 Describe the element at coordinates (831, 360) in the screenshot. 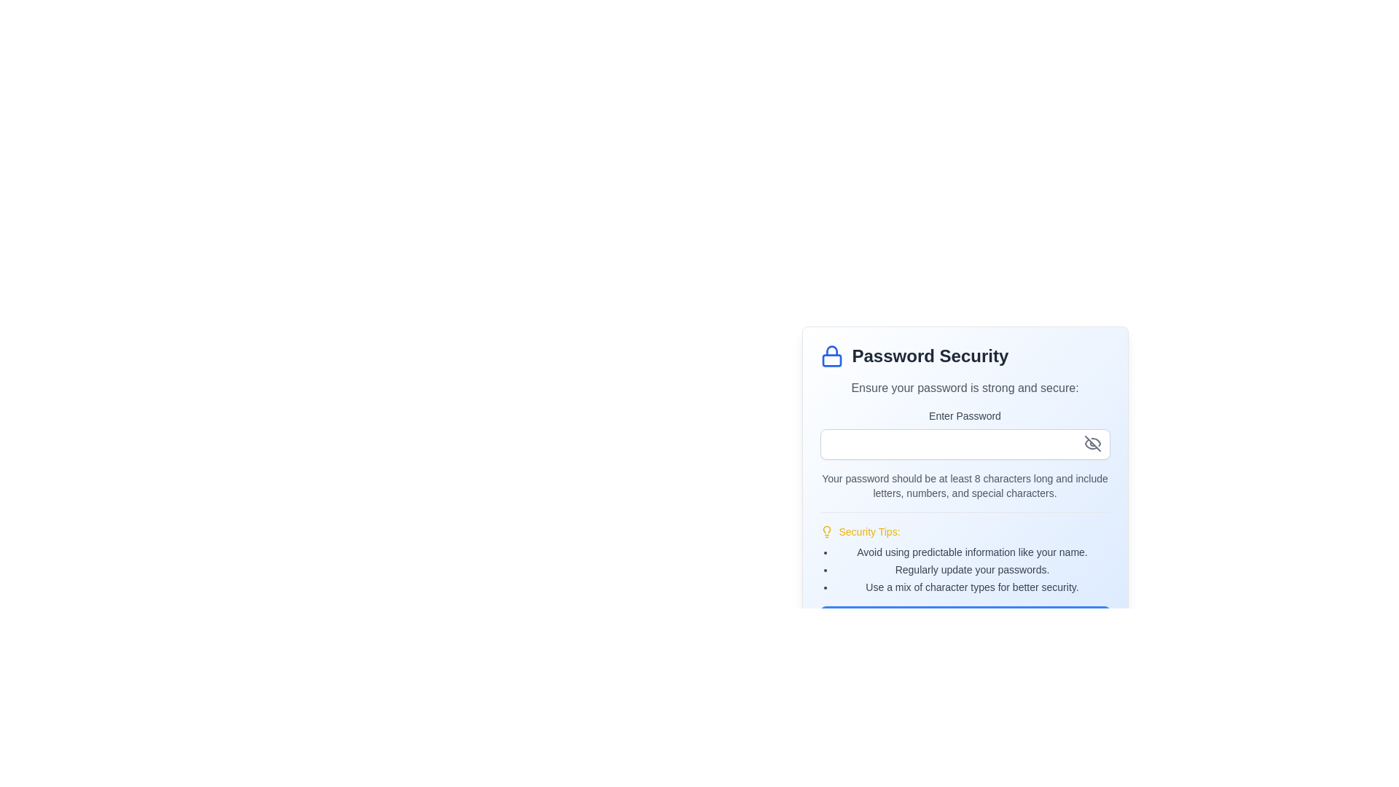

I see `the lower rectangular section of the lock's body in the security icon, which symbolizes security and restricted access` at that location.